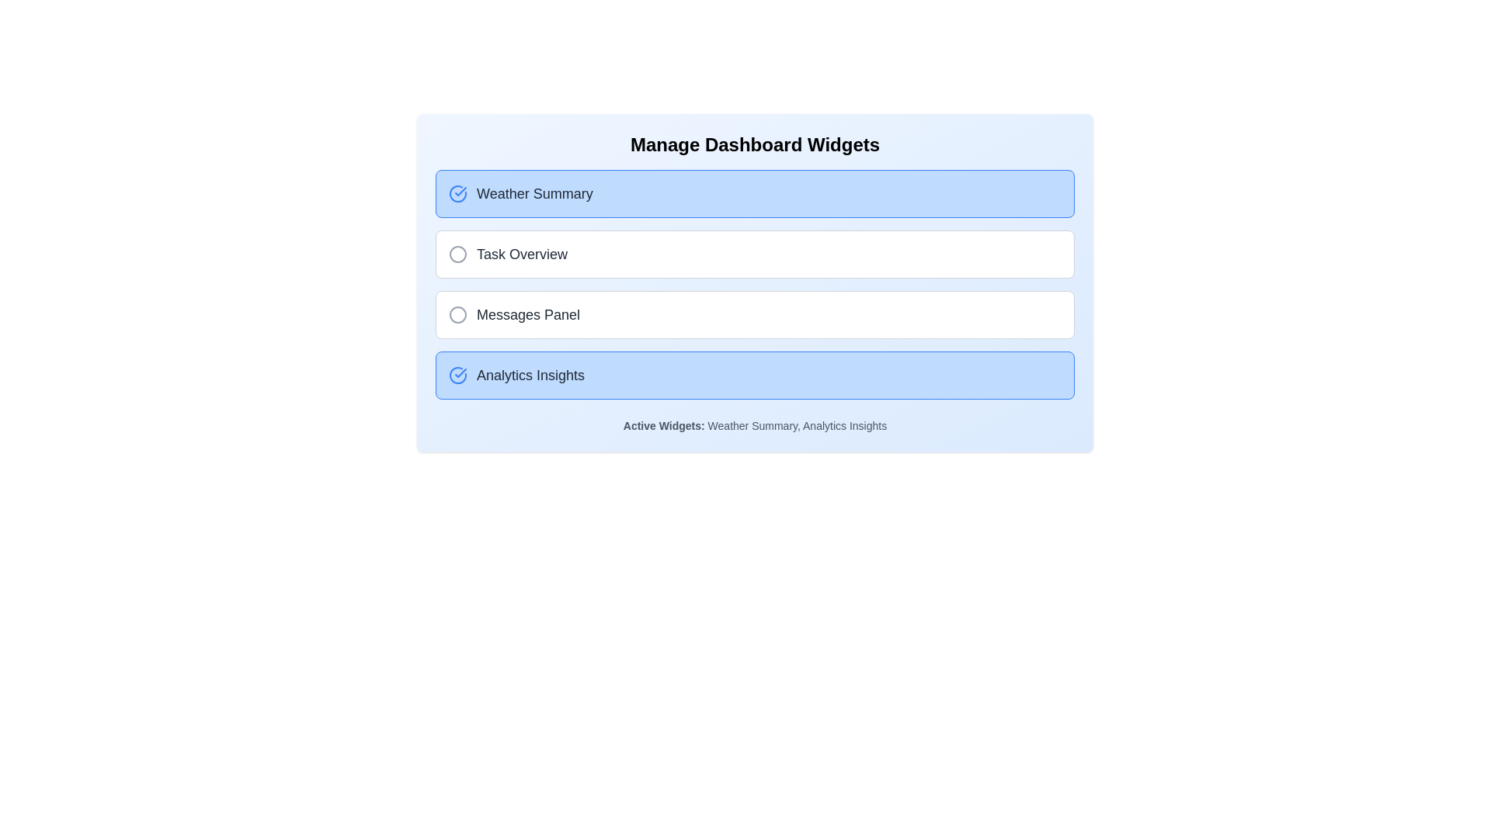 Image resolution: width=1491 pixels, height=838 pixels. What do you see at coordinates (755, 314) in the screenshot?
I see `to select the 'Messages Panel' section represented by the third selectable card in the vertical stack of four items under 'Manage Dashboard Widgets'` at bounding box center [755, 314].